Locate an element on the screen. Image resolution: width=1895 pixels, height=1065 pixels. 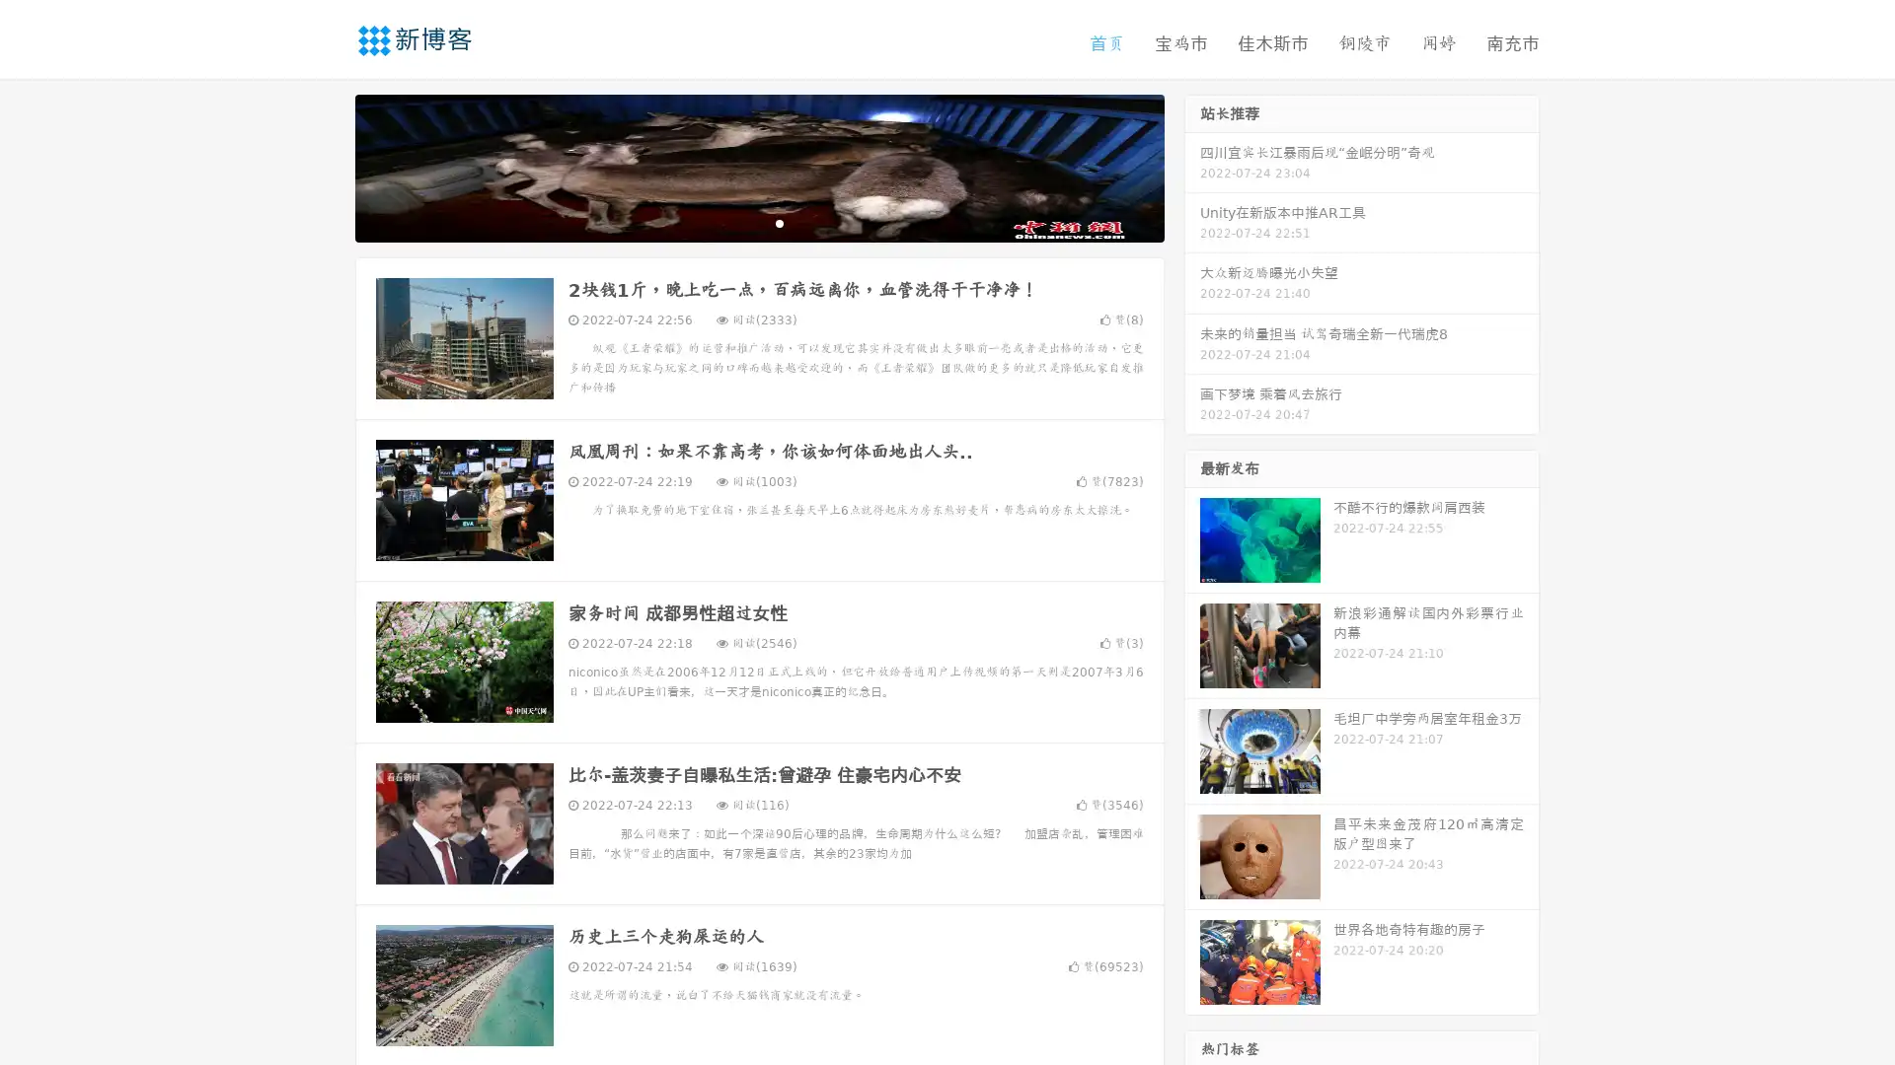
Go to slide 3 is located at coordinates (779, 222).